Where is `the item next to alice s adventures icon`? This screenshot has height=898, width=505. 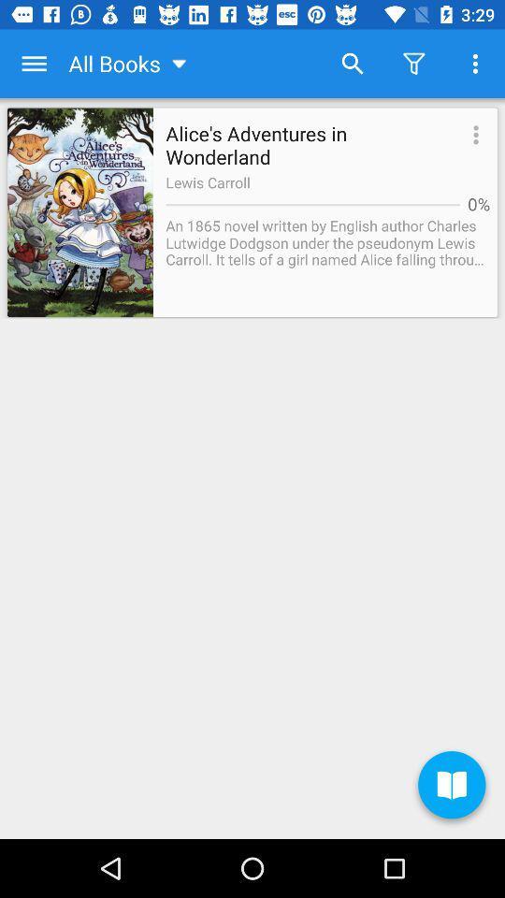 the item next to alice s adventures icon is located at coordinates (471, 136).